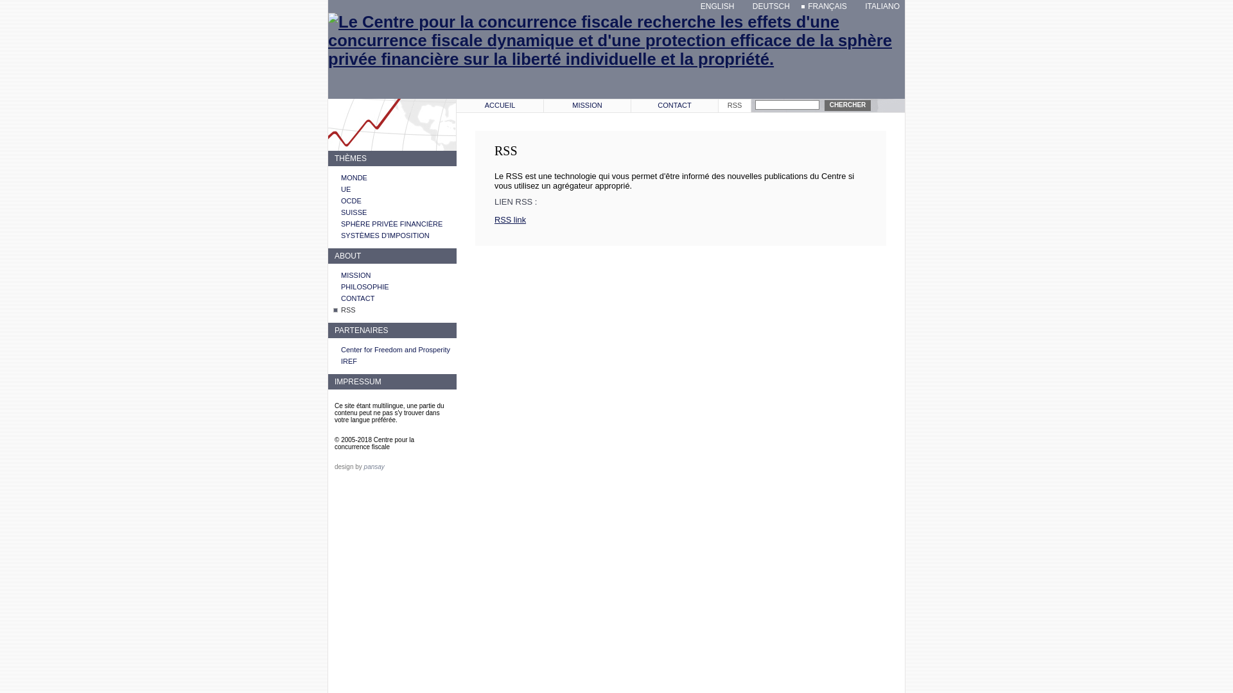  What do you see at coordinates (345, 189) in the screenshot?
I see `'UE'` at bounding box center [345, 189].